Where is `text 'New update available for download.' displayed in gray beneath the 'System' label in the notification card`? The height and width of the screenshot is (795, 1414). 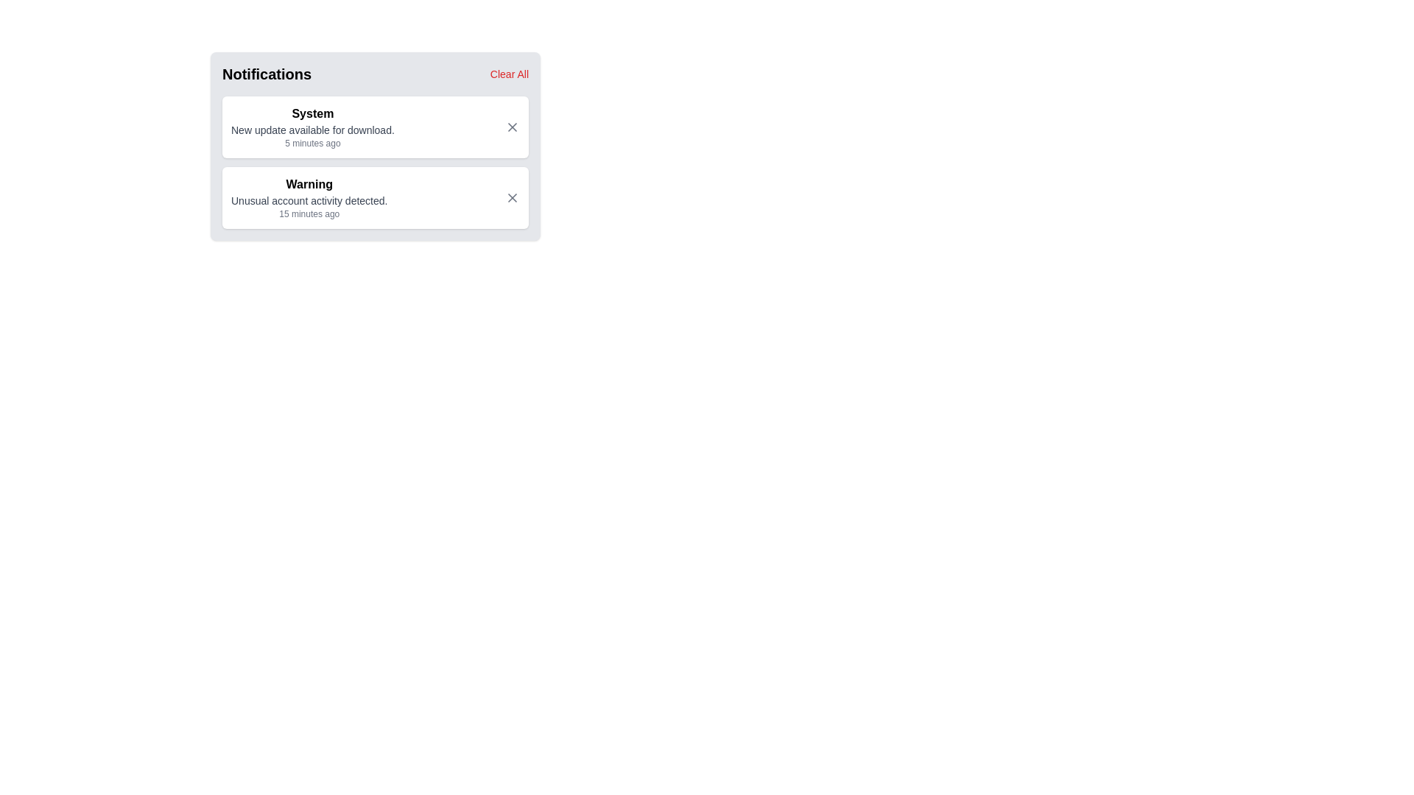
text 'New update available for download.' displayed in gray beneath the 'System' label in the notification card is located at coordinates (312, 130).